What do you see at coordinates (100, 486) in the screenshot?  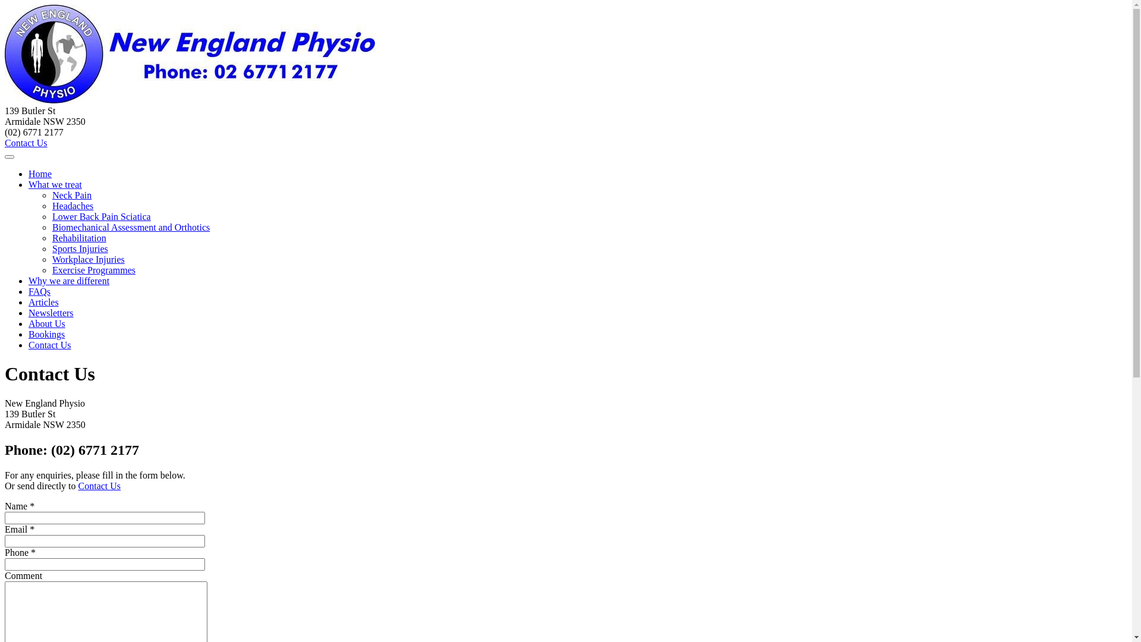 I see `'Contact Us'` at bounding box center [100, 486].